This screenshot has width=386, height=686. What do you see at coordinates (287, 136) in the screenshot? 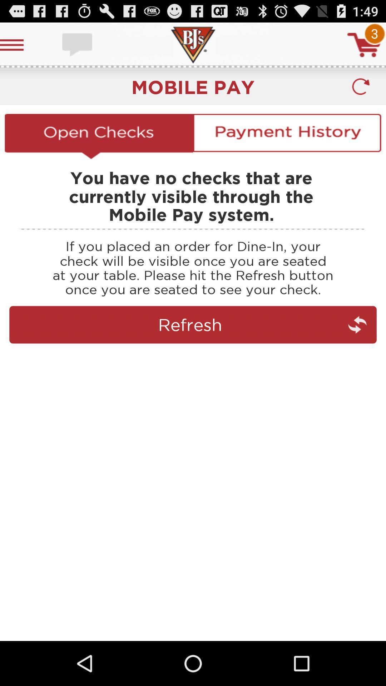
I see `payment hisotyr` at bounding box center [287, 136].